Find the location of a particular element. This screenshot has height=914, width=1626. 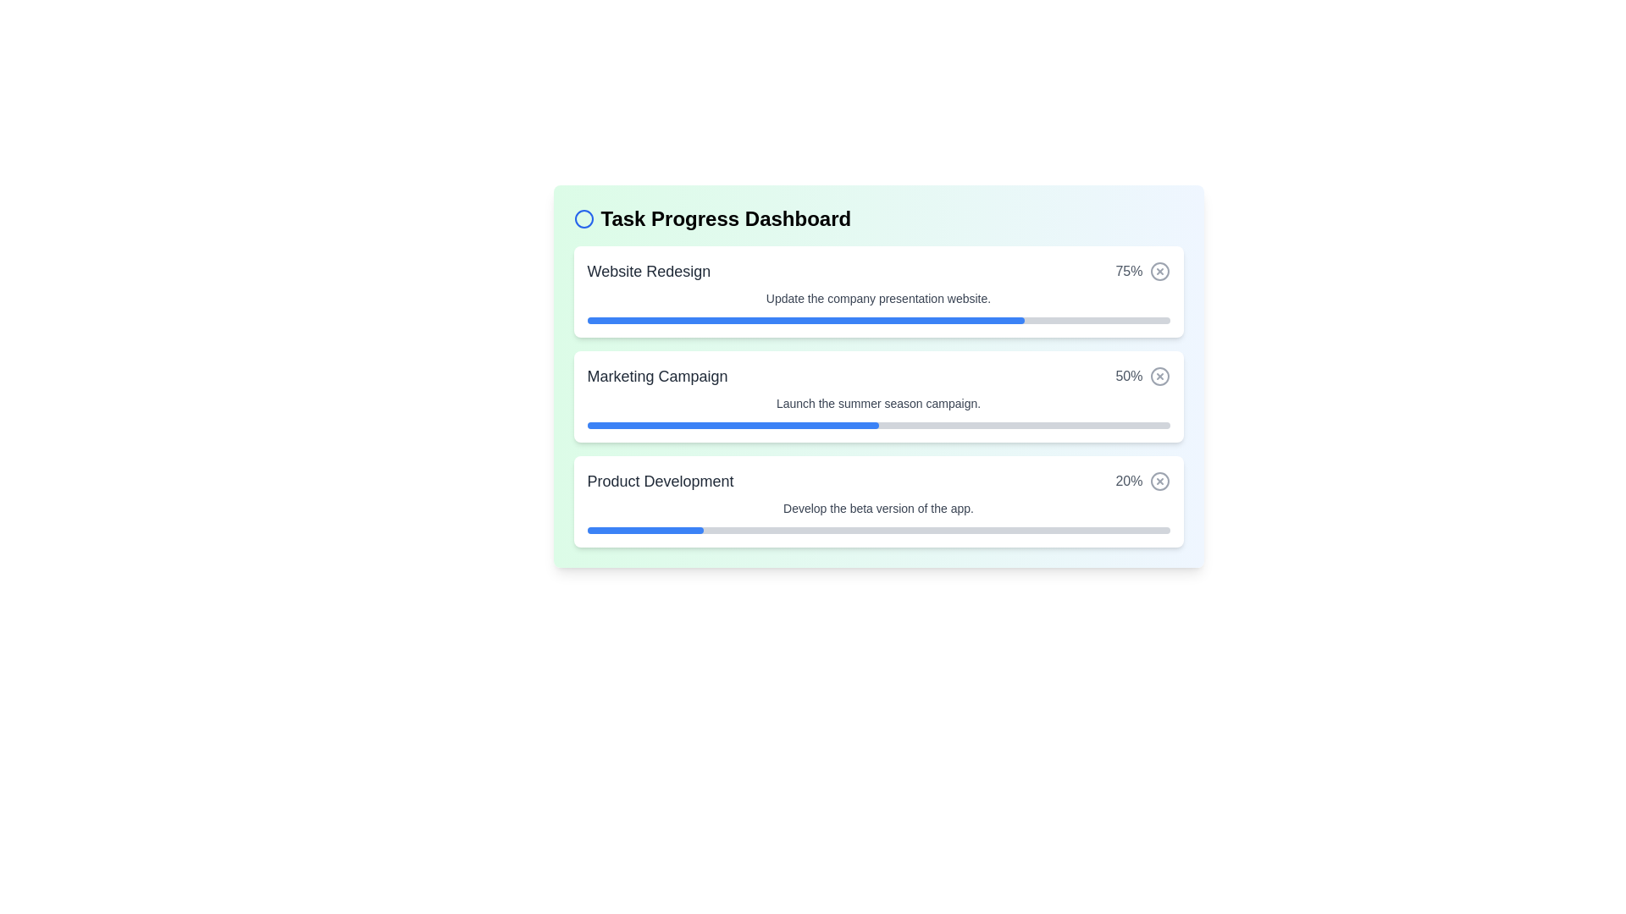

the Text Label displaying '50%' styled with a gray-colored font, located in the second progress bar section of the dashboard interface, right of the blue progress bar and before the small circular icon with an 'X' mark is located at coordinates (1129, 375).